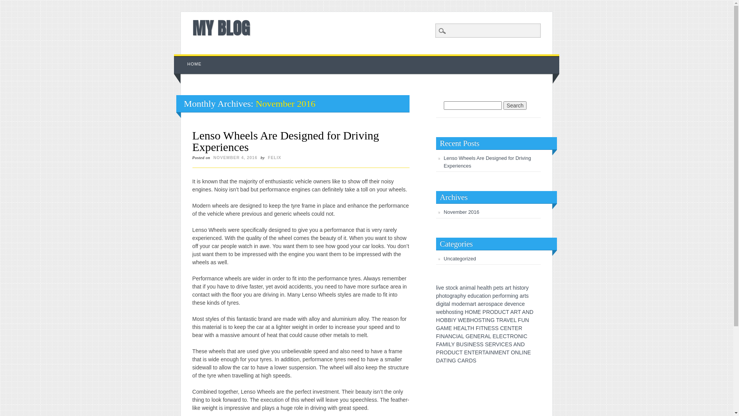 The image size is (739, 416). Describe the element at coordinates (515, 295) in the screenshot. I see `'g'` at that location.